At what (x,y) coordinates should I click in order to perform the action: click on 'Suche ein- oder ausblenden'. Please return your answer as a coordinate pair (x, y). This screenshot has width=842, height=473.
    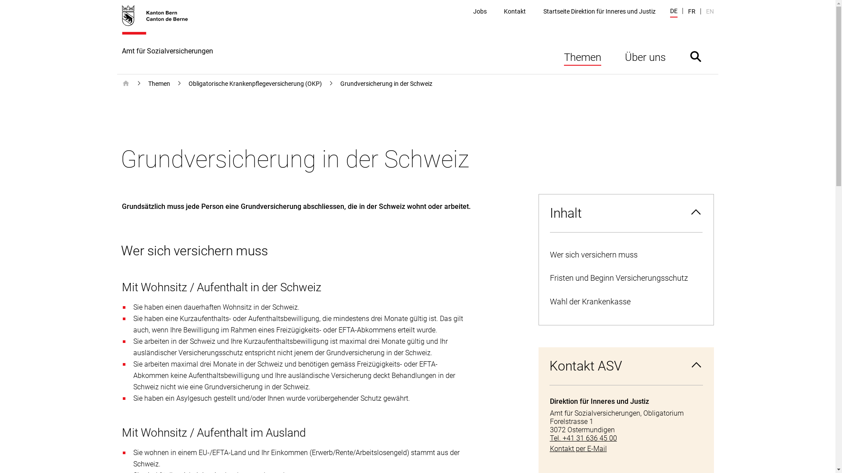
    Looking at the image, I should click on (695, 56).